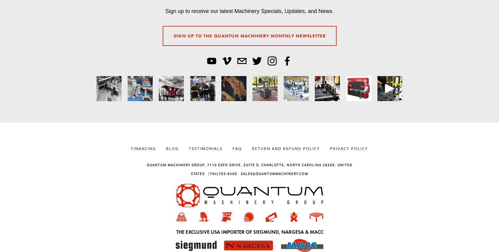  I want to click on 'Privacy Policy', so click(349, 148).